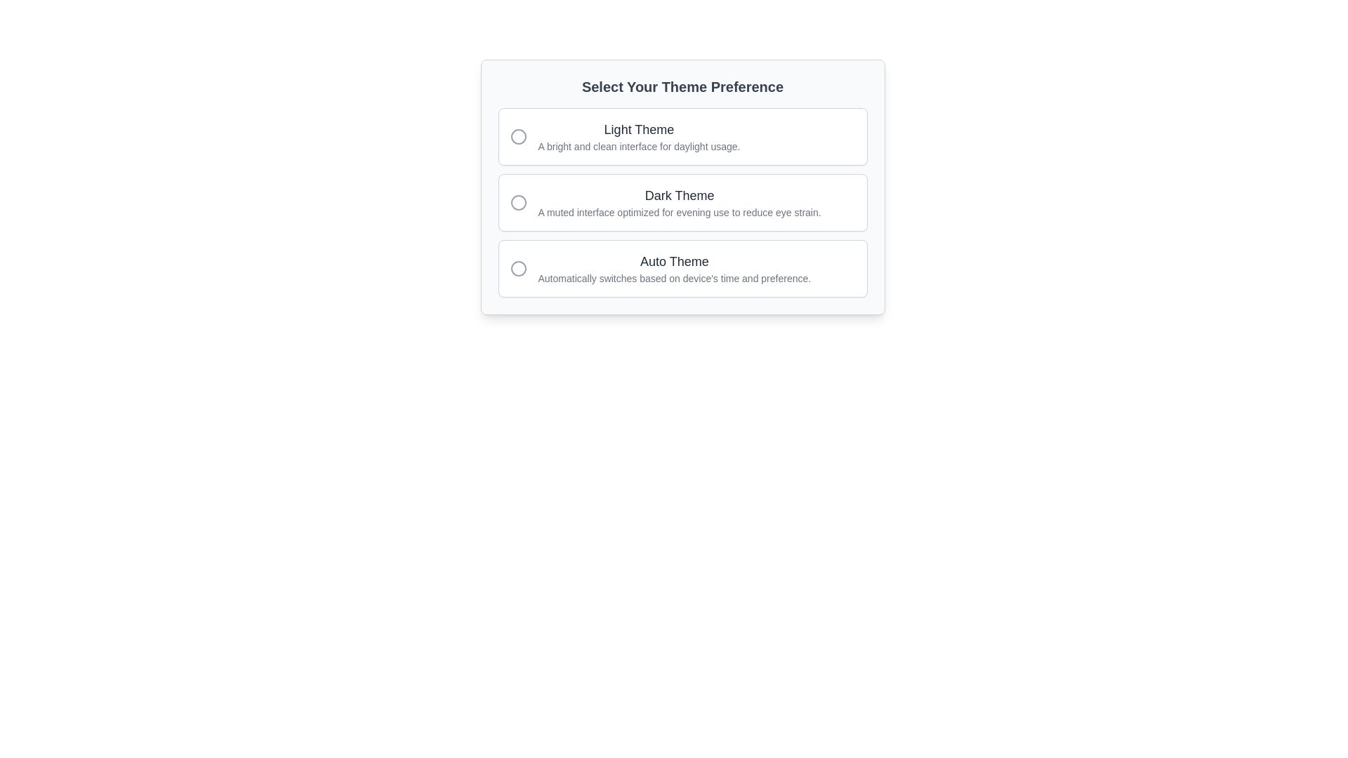  What do you see at coordinates (517, 137) in the screenshot?
I see `the circular graphical UI component in the SVG graphic that is styled as gray, indicating an inactive state, located to the left of the 'Light Theme' label` at bounding box center [517, 137].